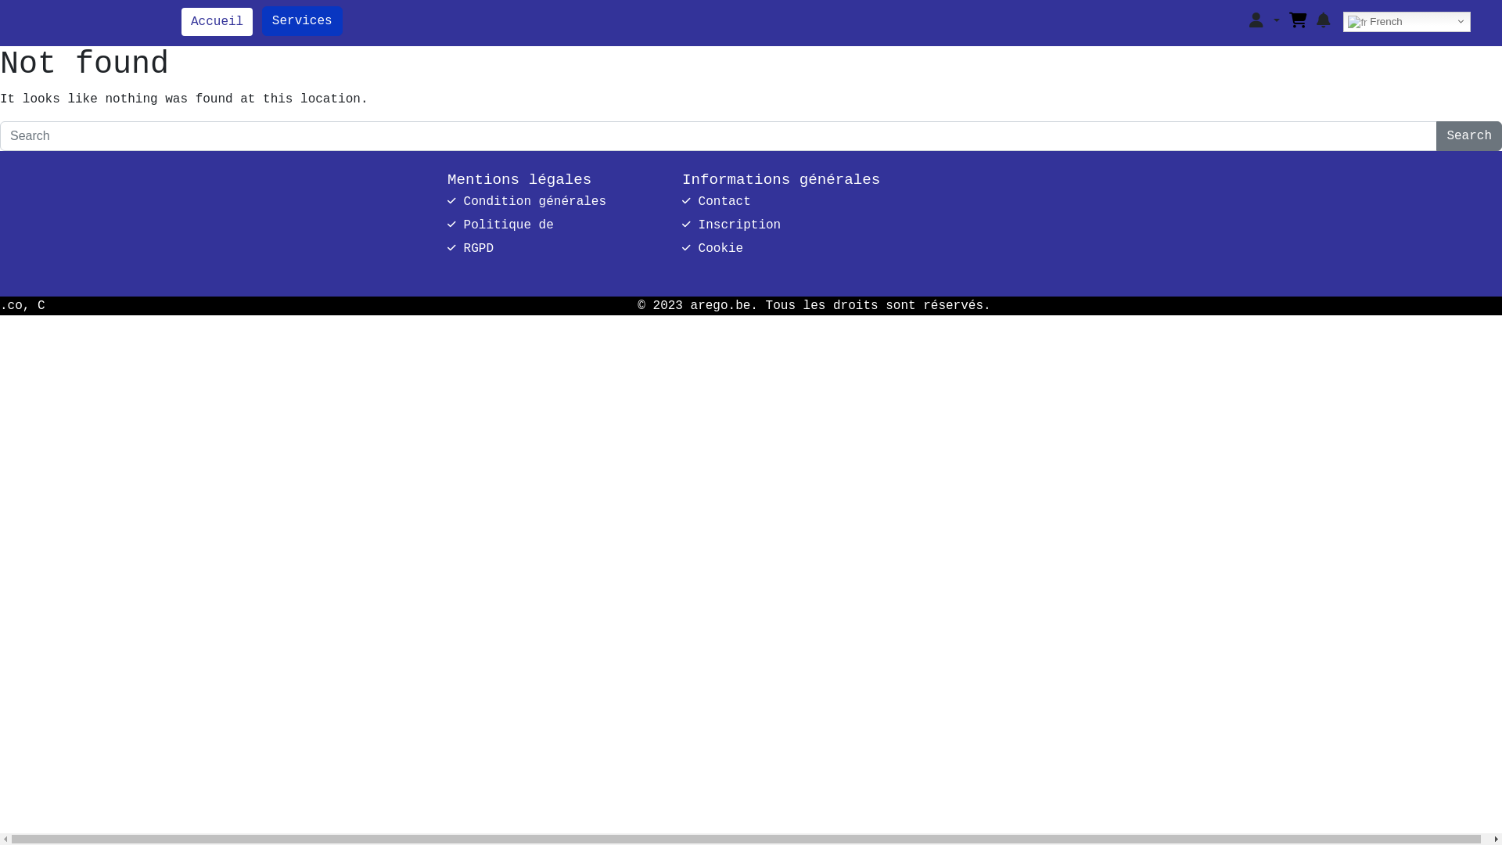 This screenshot has width=1502, height=845. Describe the element at coordinates (1407, 21) in the screenshot. I see `'French'` at that location.